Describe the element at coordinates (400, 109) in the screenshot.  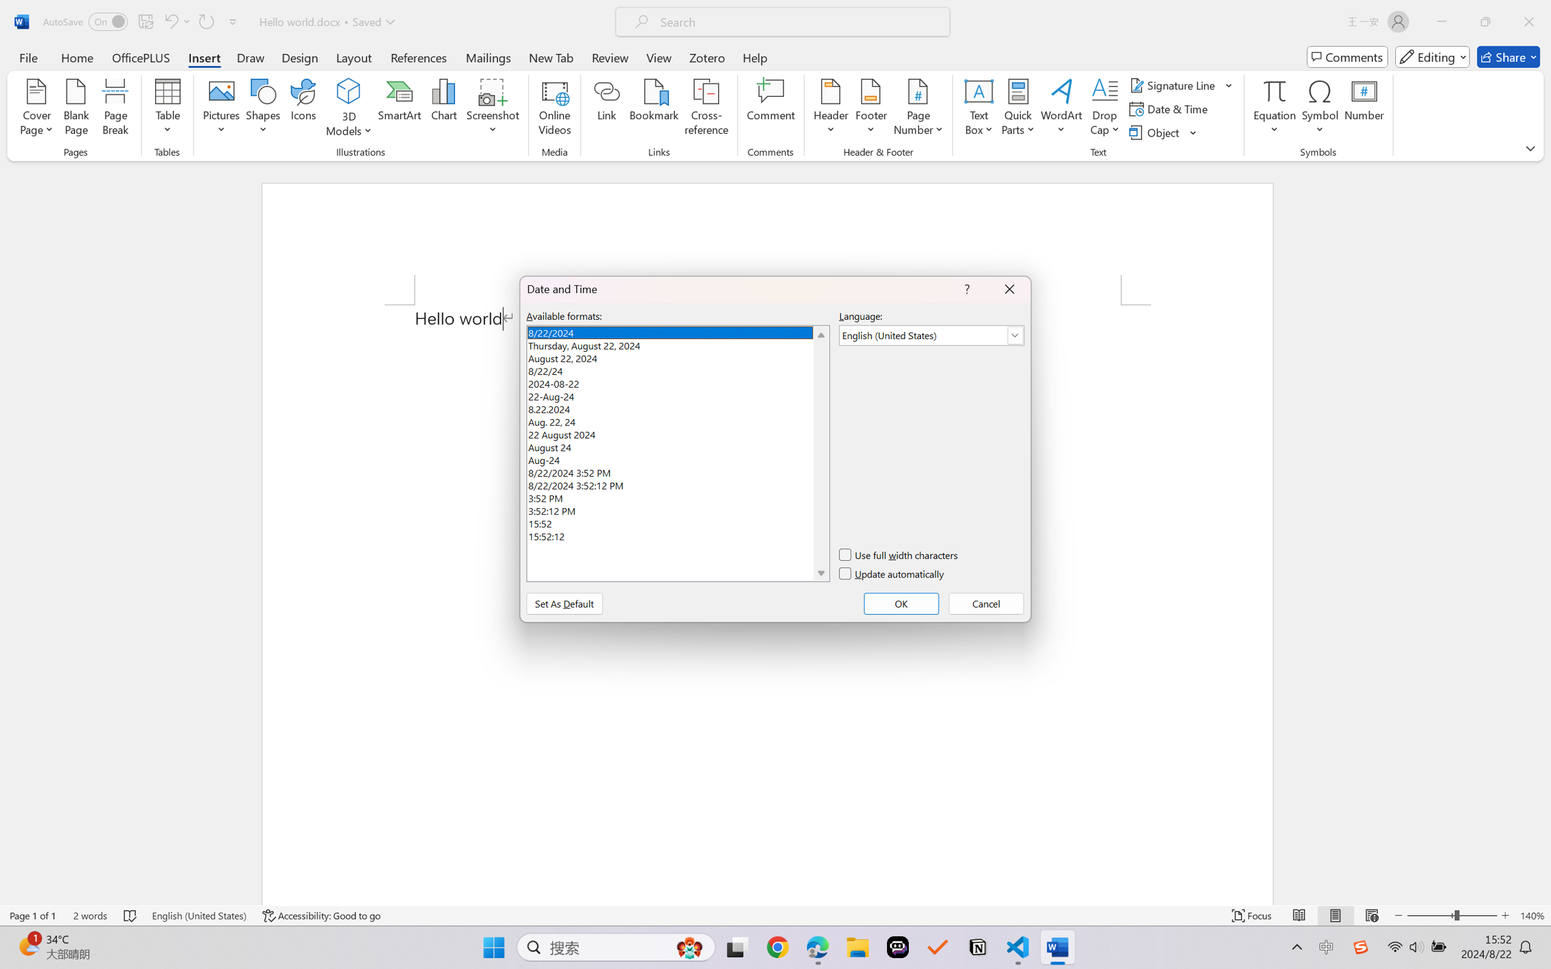
I see `'SmartArt...'` at that location.